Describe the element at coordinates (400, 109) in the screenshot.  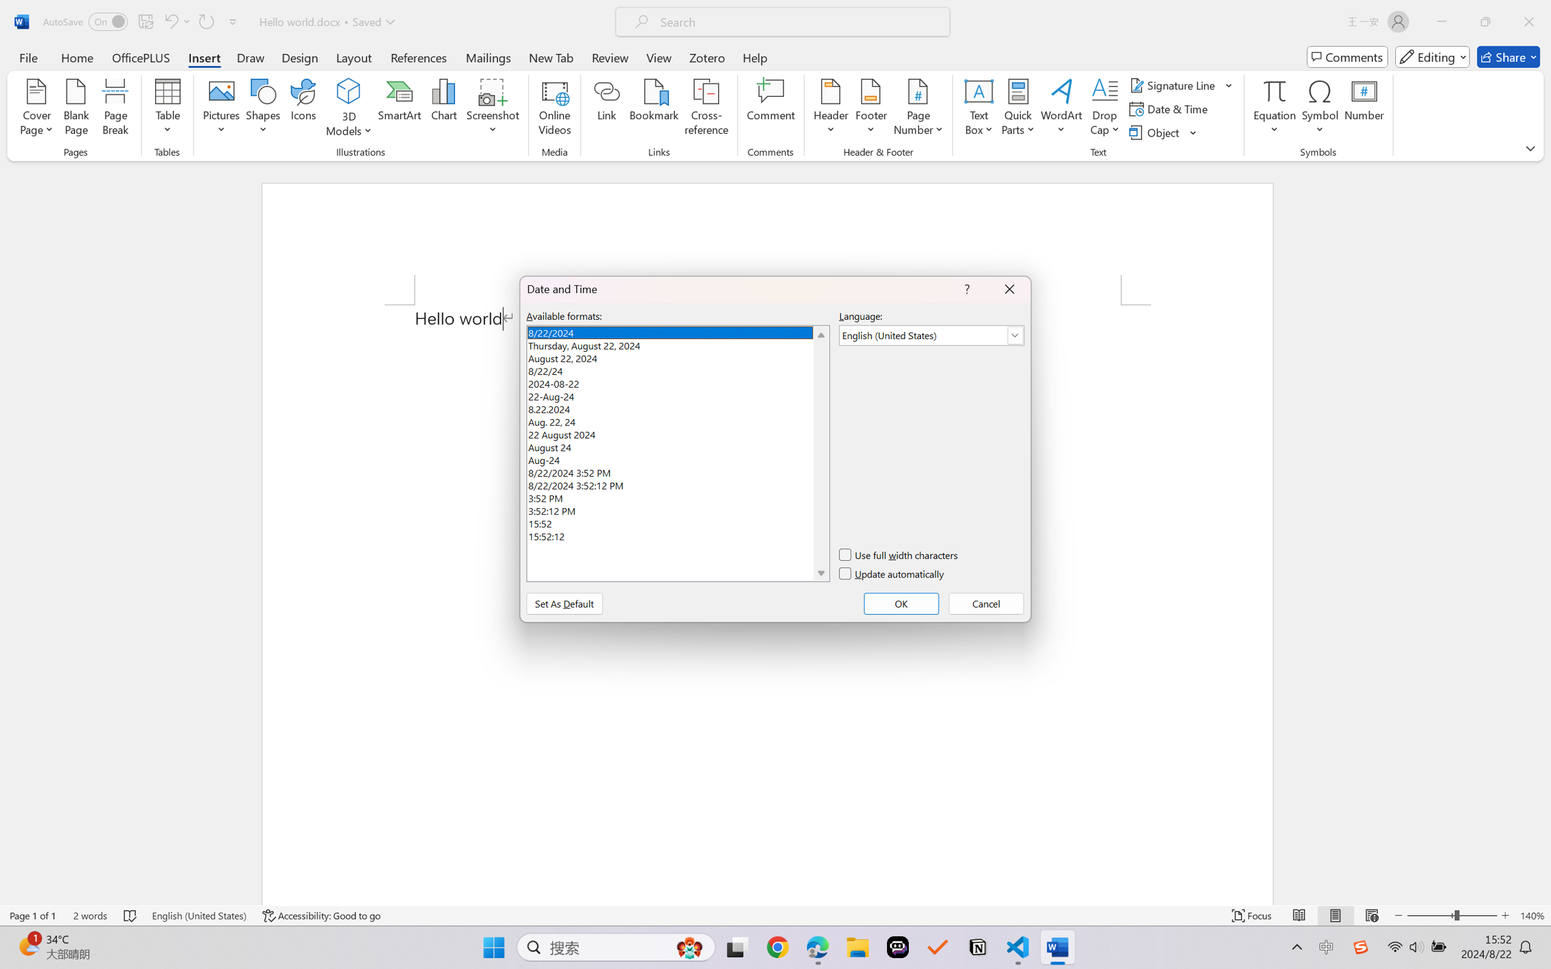
I see `'SmartArt...'` at that location.